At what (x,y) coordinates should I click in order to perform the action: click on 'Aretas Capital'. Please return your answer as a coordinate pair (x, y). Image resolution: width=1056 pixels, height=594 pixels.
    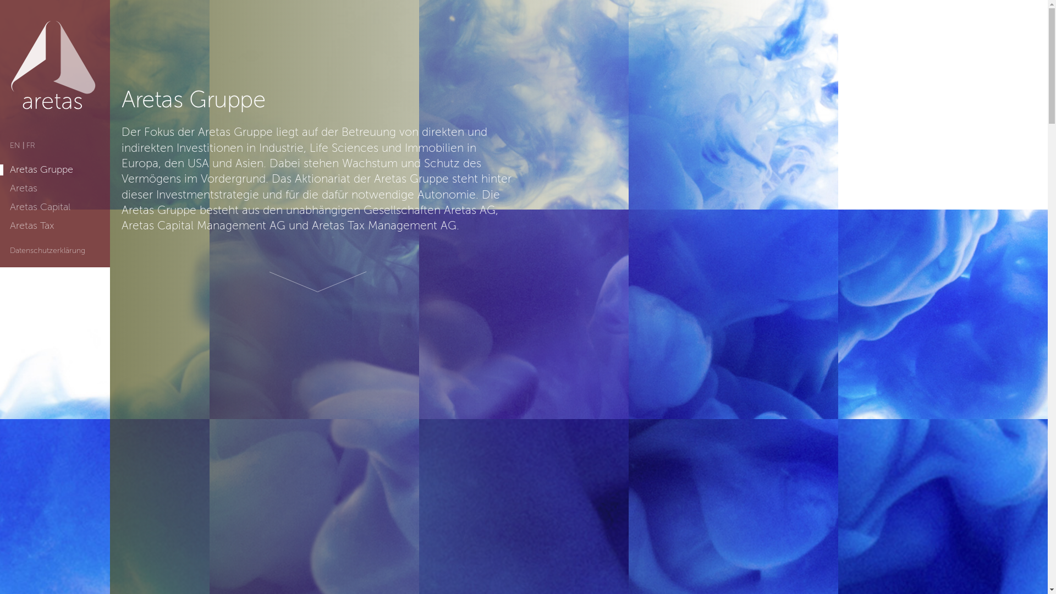
    Looking at the image, I should click on (40, 207).